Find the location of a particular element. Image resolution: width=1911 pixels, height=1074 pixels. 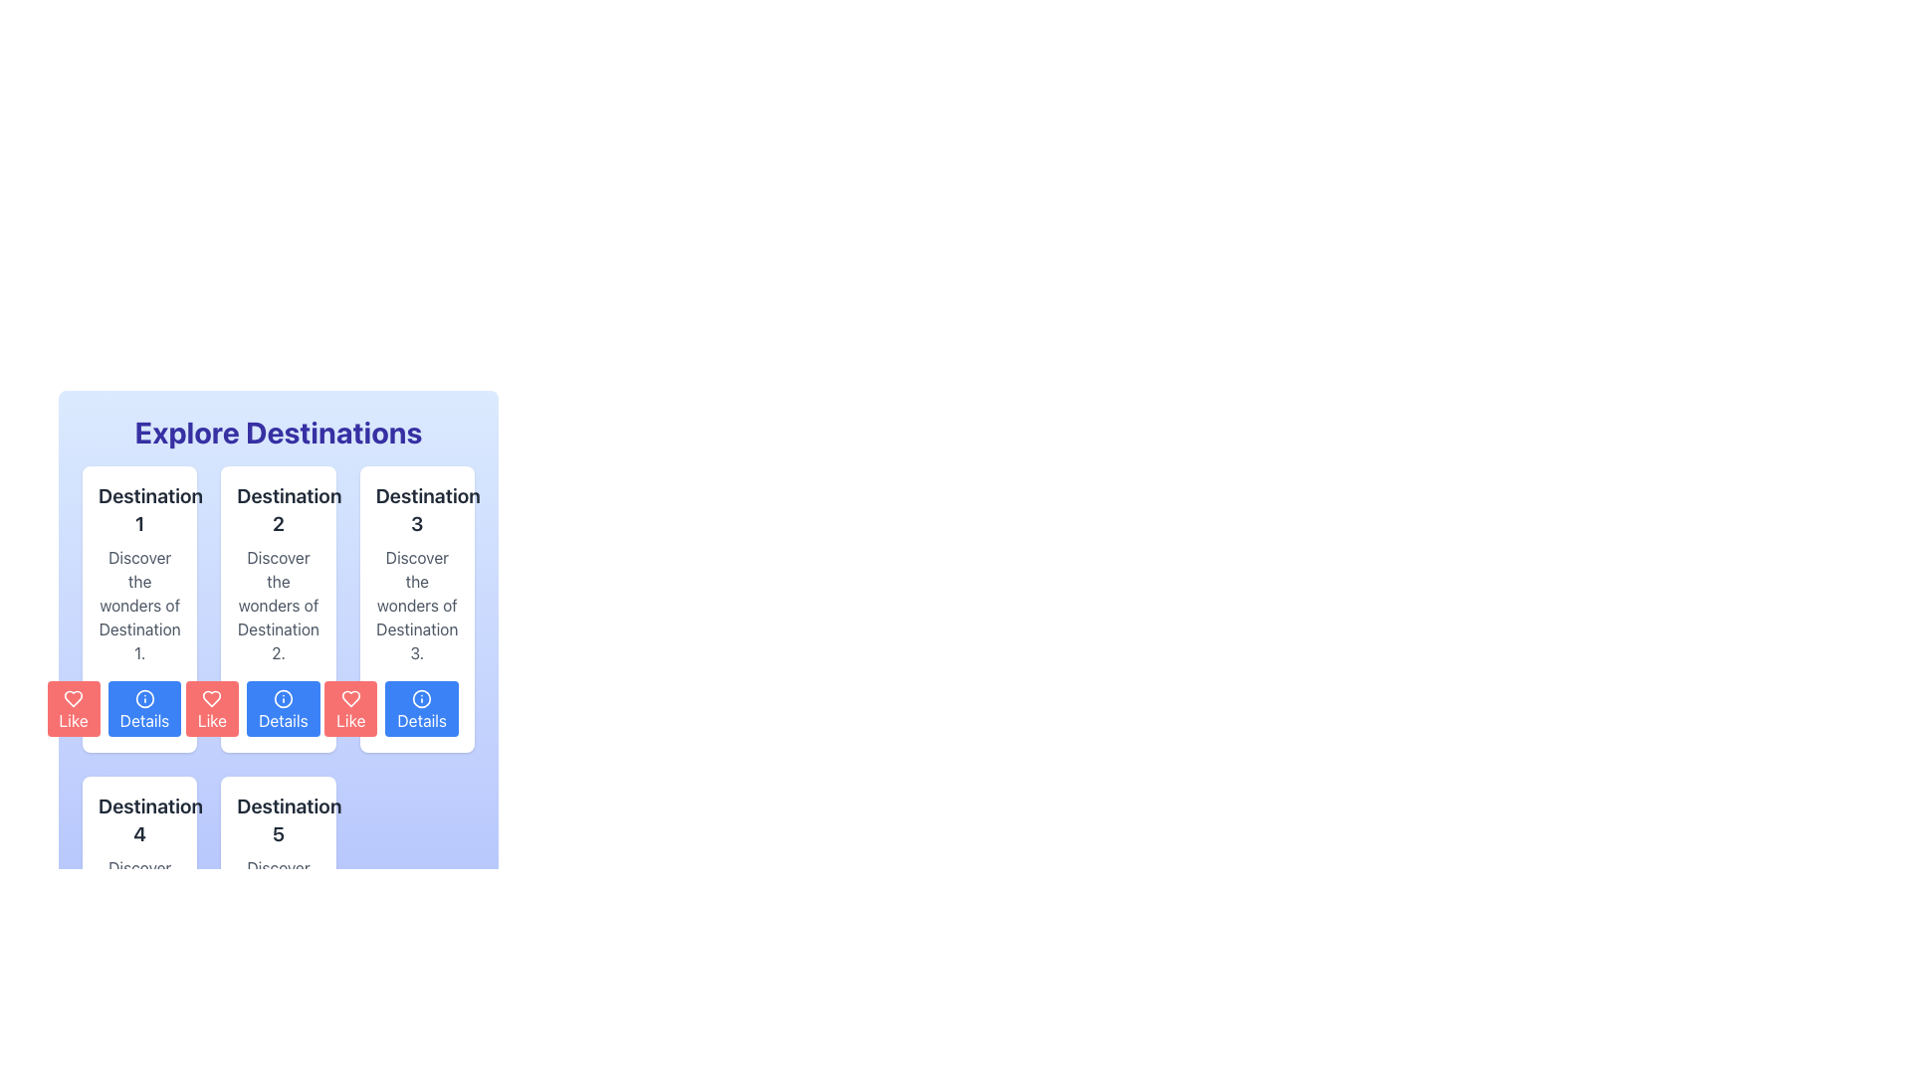

the 'Details' button with a blue background and white text is located at coordinates (421, 708).